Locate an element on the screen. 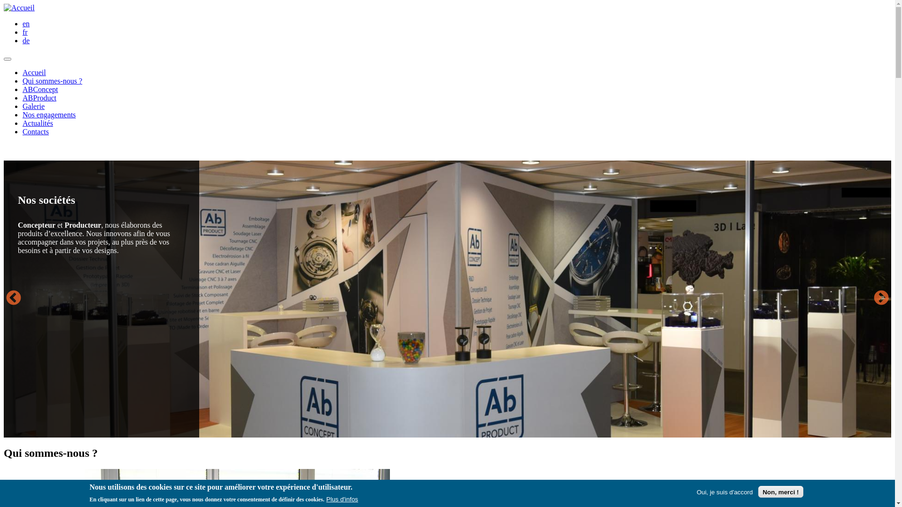  'Qui sommes-nous ?' is located at coordinates (52, 80).